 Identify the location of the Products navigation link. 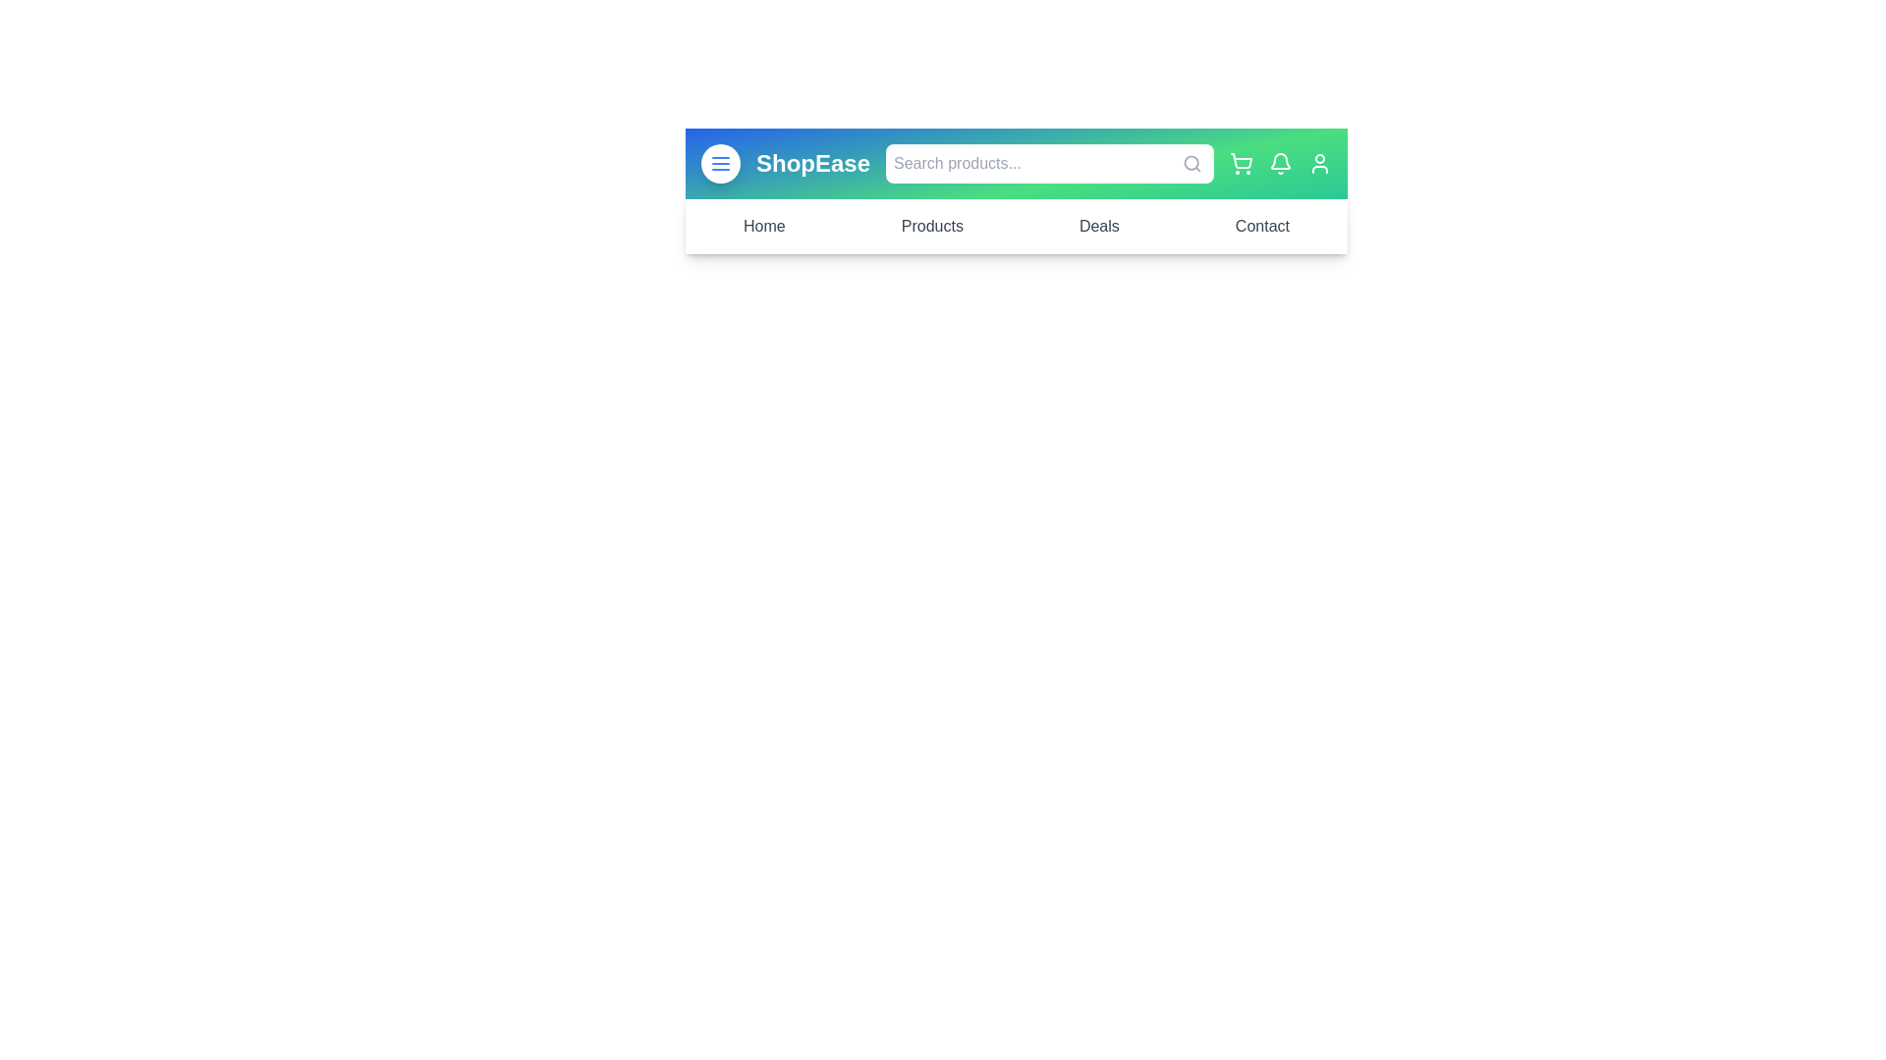
(931, 226).